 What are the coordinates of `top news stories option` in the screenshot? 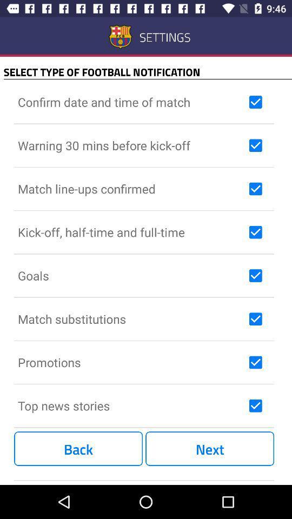 It's located at (255, 405).